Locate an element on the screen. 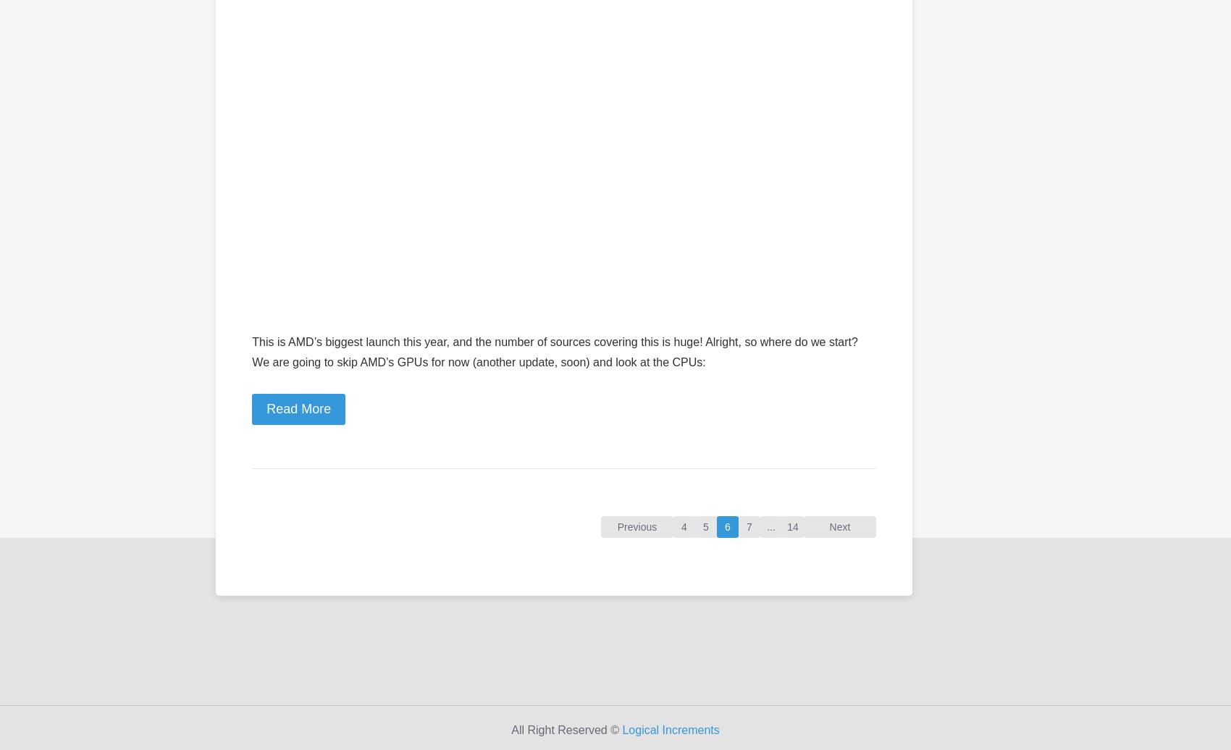  '...' is located at coordinates (765, 526).